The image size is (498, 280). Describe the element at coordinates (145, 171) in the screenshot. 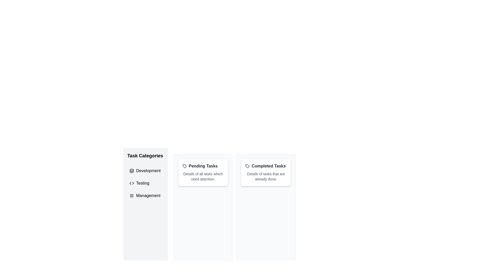

I see `the 'Development' menu item, which is the first item in the vertical list of menu options under 'Task Categories', visually represented by a black icon resembling stacked layers followed by the text 'Development'` at that location.